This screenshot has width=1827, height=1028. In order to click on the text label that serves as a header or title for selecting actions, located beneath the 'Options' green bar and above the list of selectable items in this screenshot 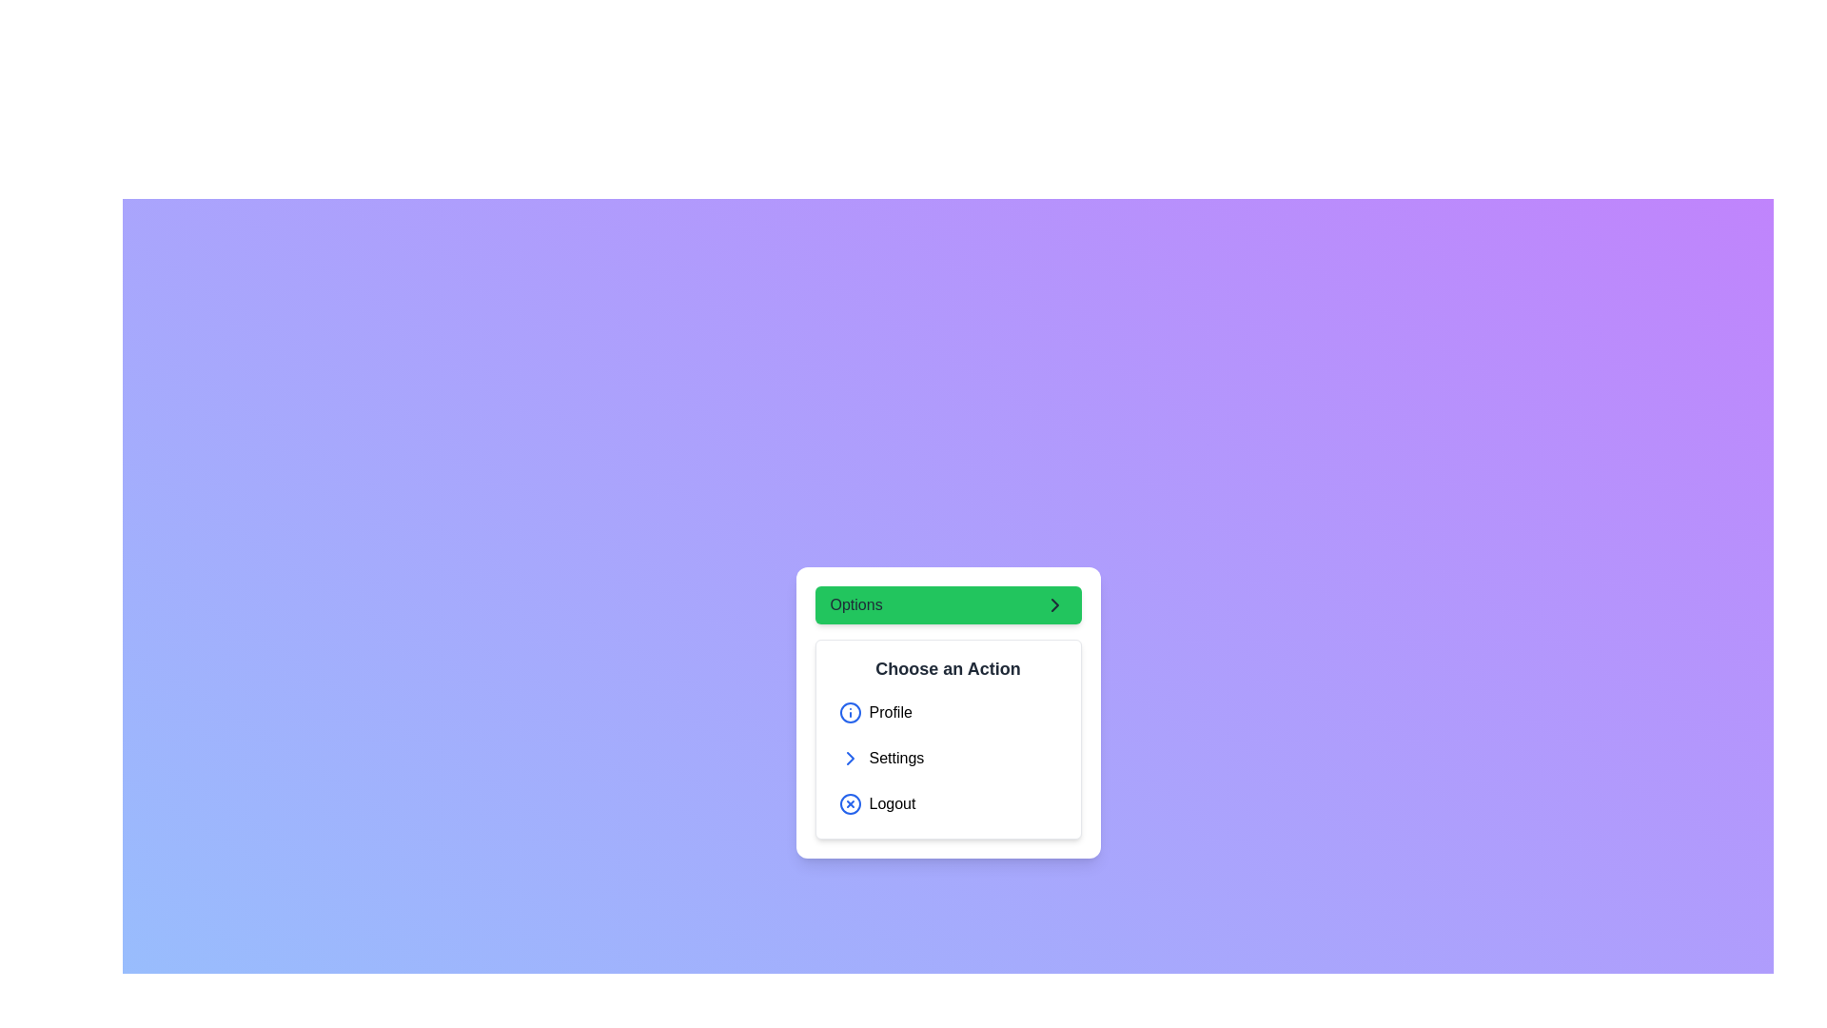, I will do `click(948, 667)`.